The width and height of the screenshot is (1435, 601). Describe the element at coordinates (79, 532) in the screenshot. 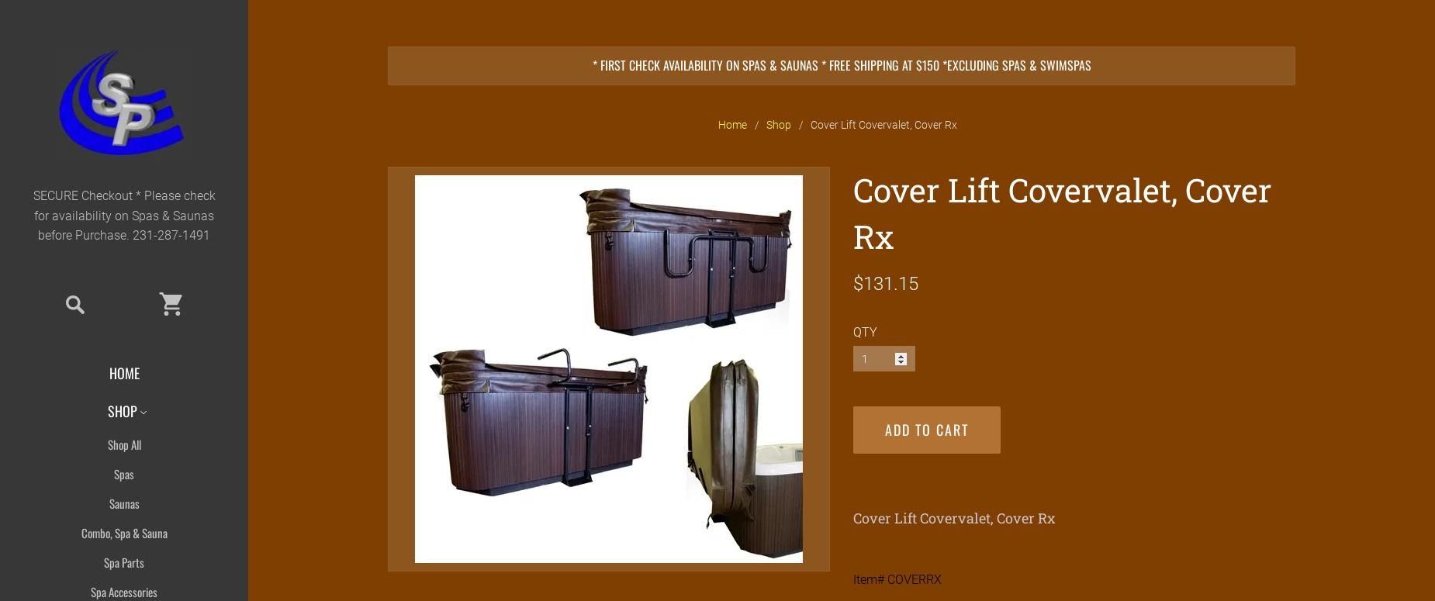

I see `'Combo, Spa & Sauna'` at that location.